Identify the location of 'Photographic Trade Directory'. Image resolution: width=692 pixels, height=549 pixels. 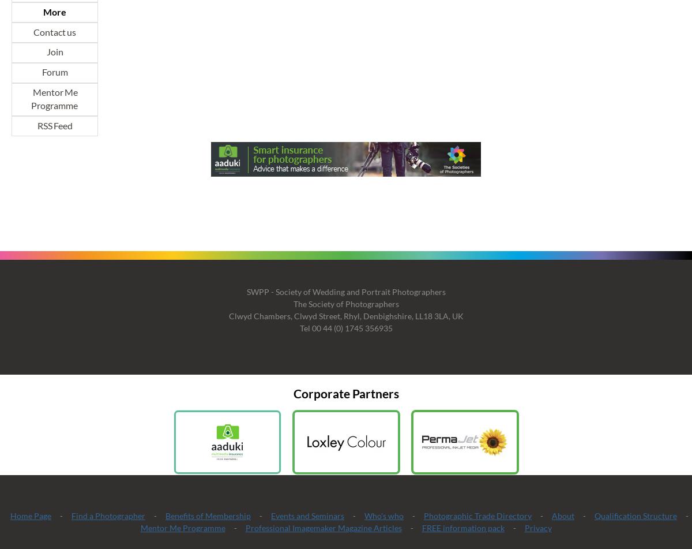
(477, 514).